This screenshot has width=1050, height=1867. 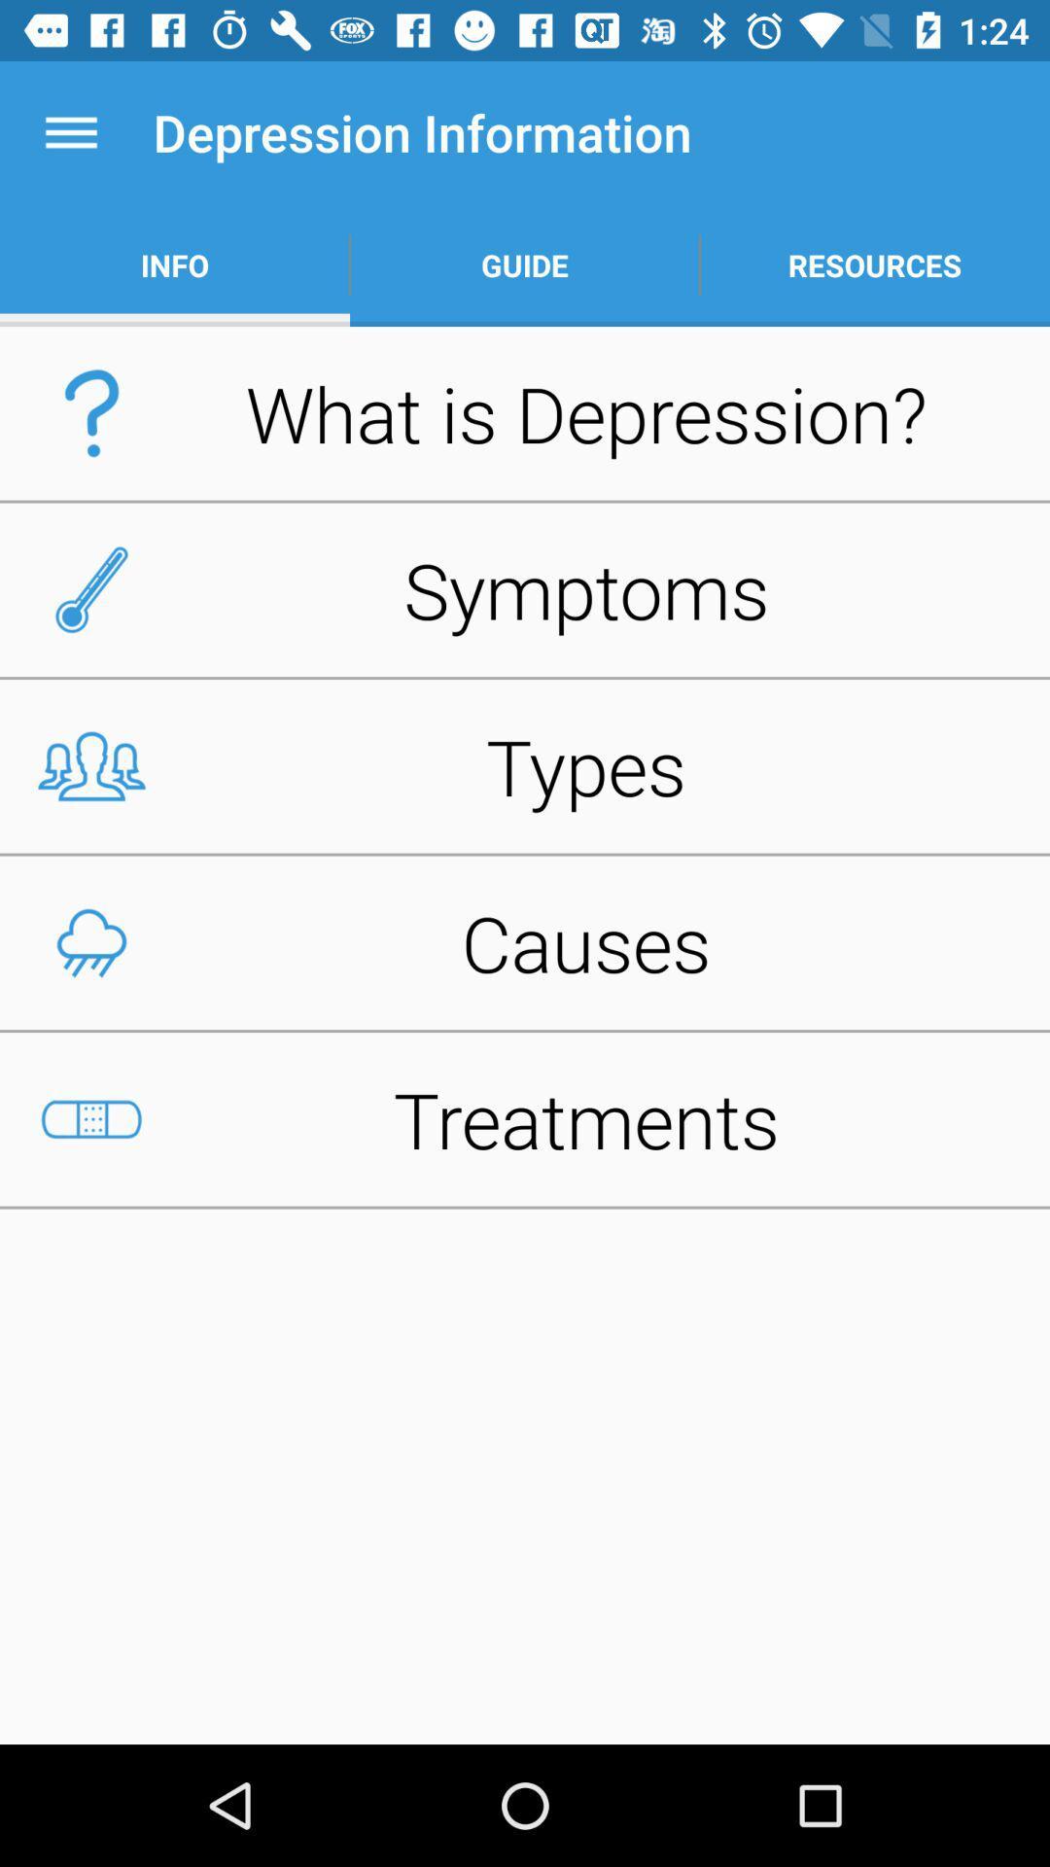 I want to click on symptoms, so click(x=525, y=588).